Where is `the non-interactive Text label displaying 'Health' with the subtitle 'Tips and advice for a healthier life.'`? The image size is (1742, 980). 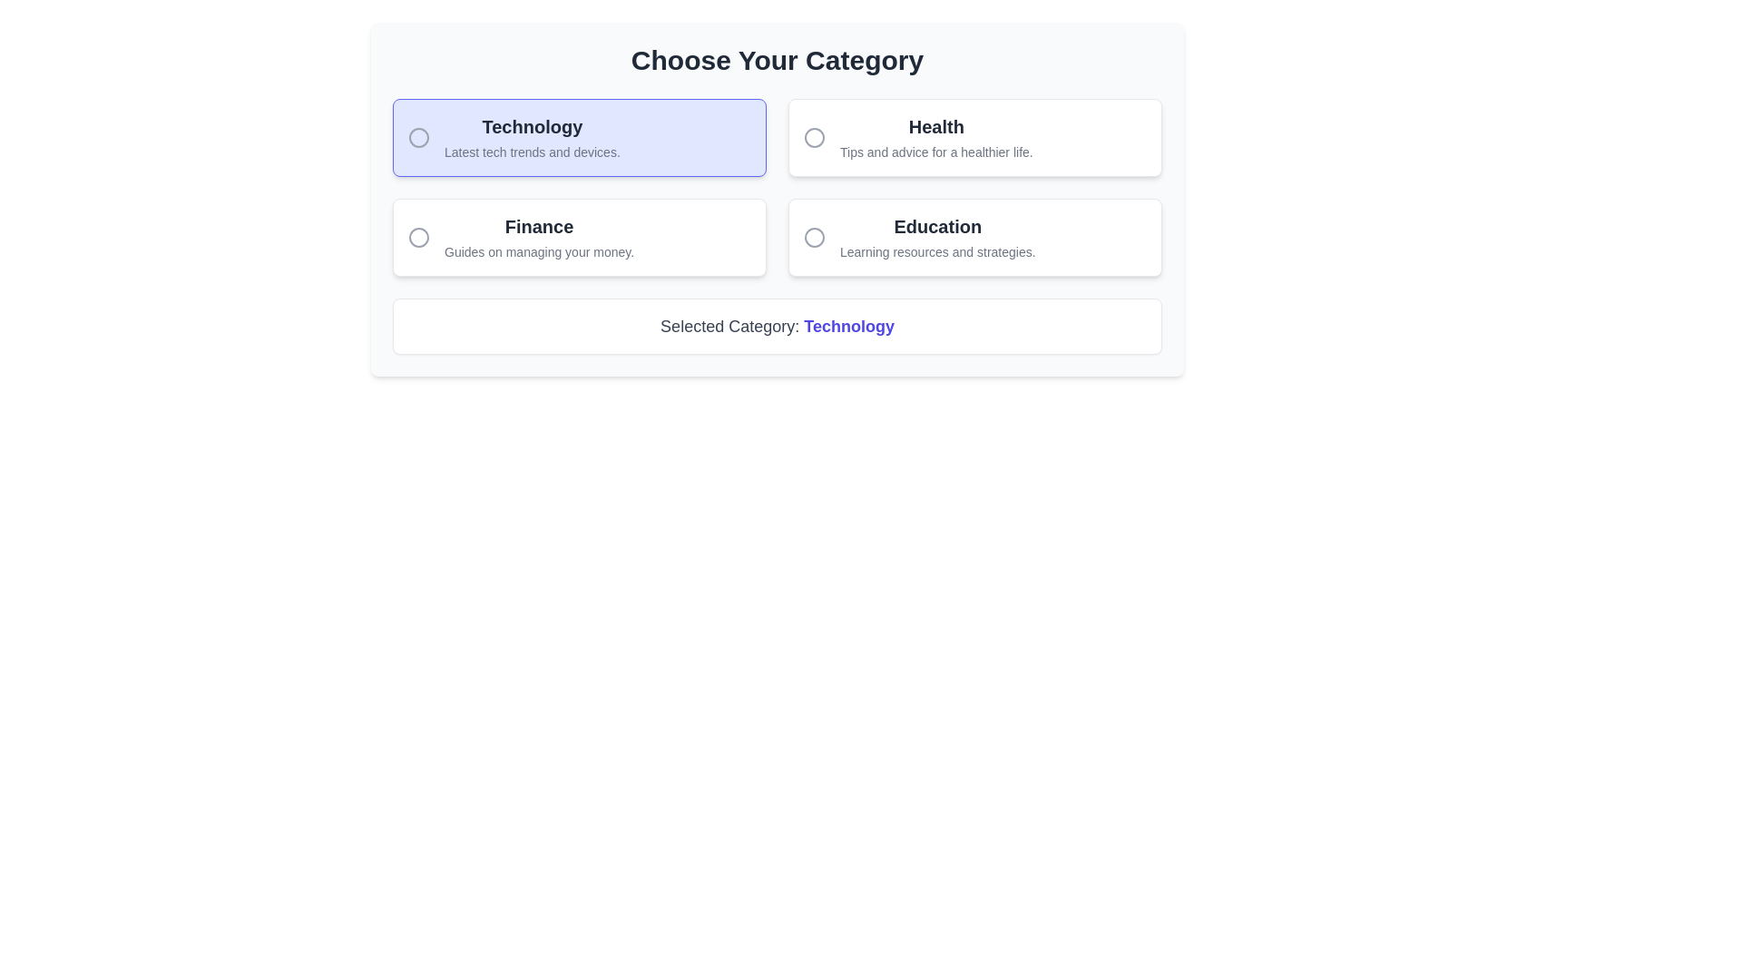 the non-interactive Text label displaying 'Health' with the subtitle 'Tips and advice for a healthier life.' is located at coordinates (936, 136).